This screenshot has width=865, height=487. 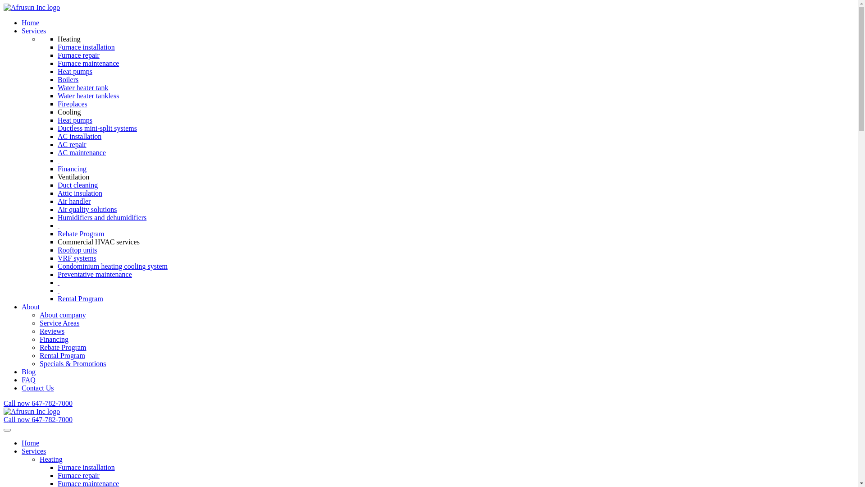 What do you see at coordinates (22, 380) in the screenshot?
I see `'FAQ'` at bounding box center [22, 380].